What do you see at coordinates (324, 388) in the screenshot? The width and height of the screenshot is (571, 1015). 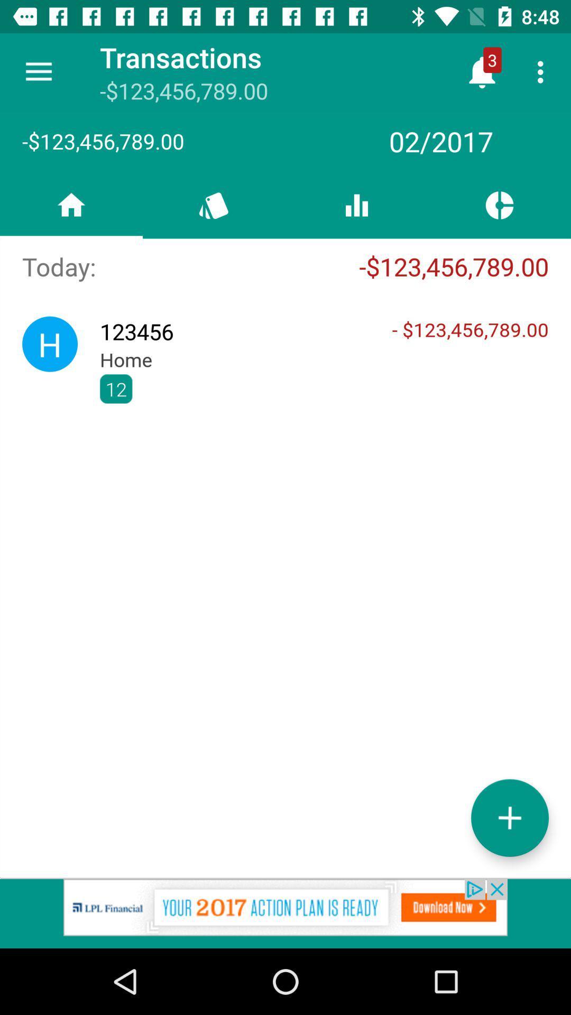 I see `icon next to h icon` at bounding box center [324, 388].